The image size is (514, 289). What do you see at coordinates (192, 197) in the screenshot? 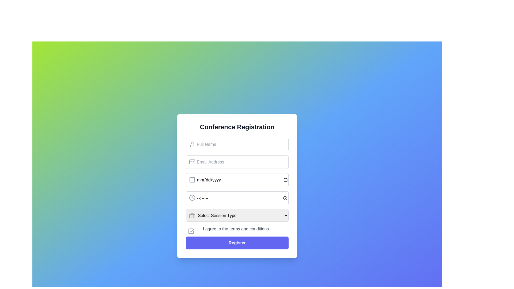
I see `the circular outline of the clock icon located in the time selection field of the registration form, to the left of the '--:-- --' placeholder` at bounding box center [192, 197].